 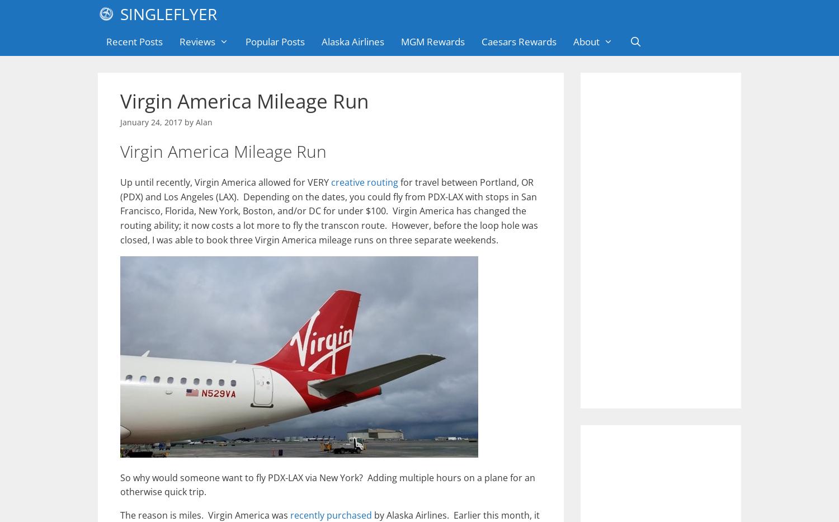 What do you see at coordinates (352, 41) in the screenshot?
I see `'Alaska Airlines'` at bounding box center [352, 41].